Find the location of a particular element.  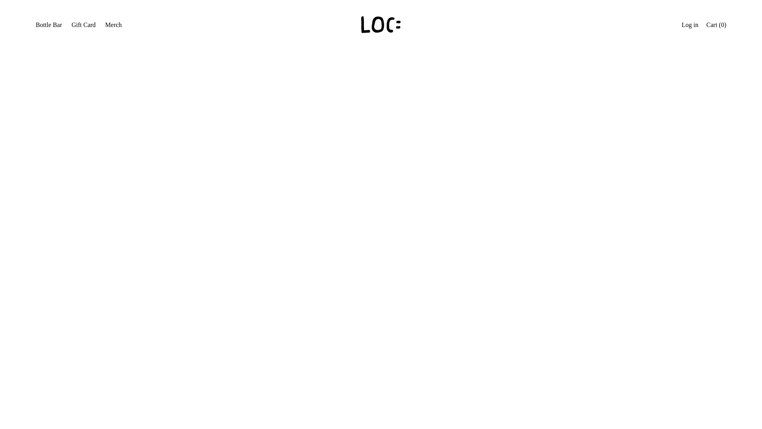

'Returns' is located at coordinates (53, 220).